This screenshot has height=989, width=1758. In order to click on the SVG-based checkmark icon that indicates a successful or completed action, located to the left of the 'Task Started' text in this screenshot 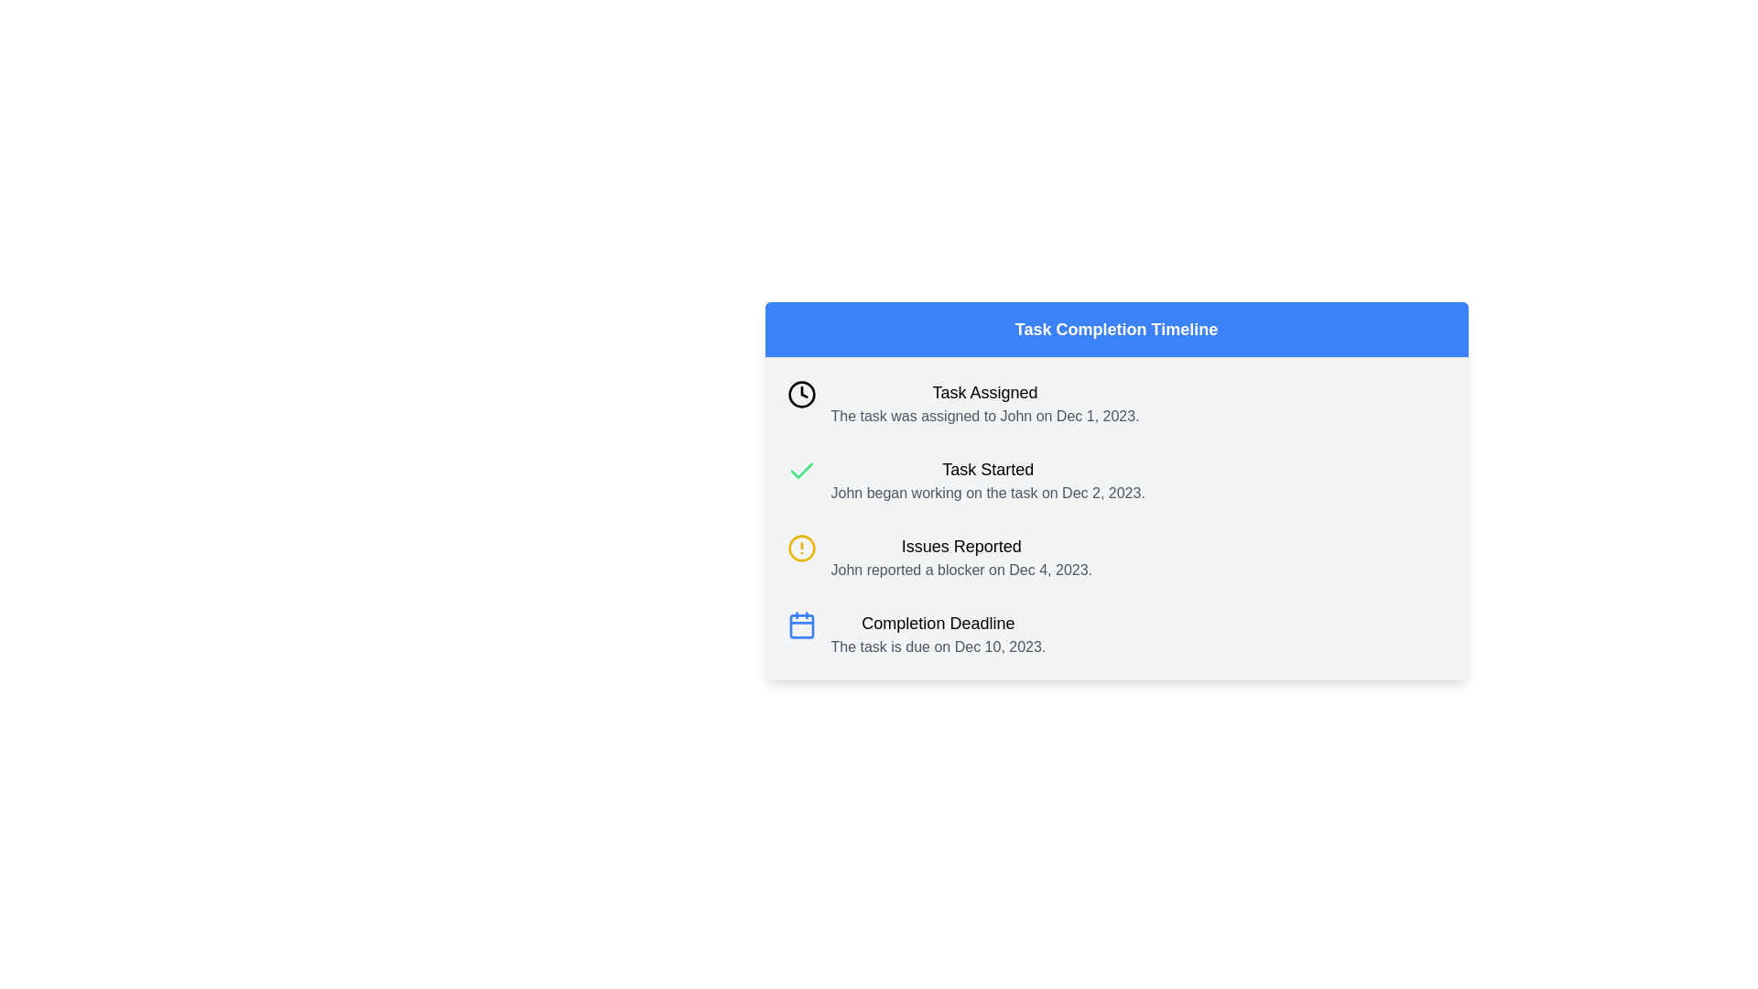, I will do `click(801, 470)`.